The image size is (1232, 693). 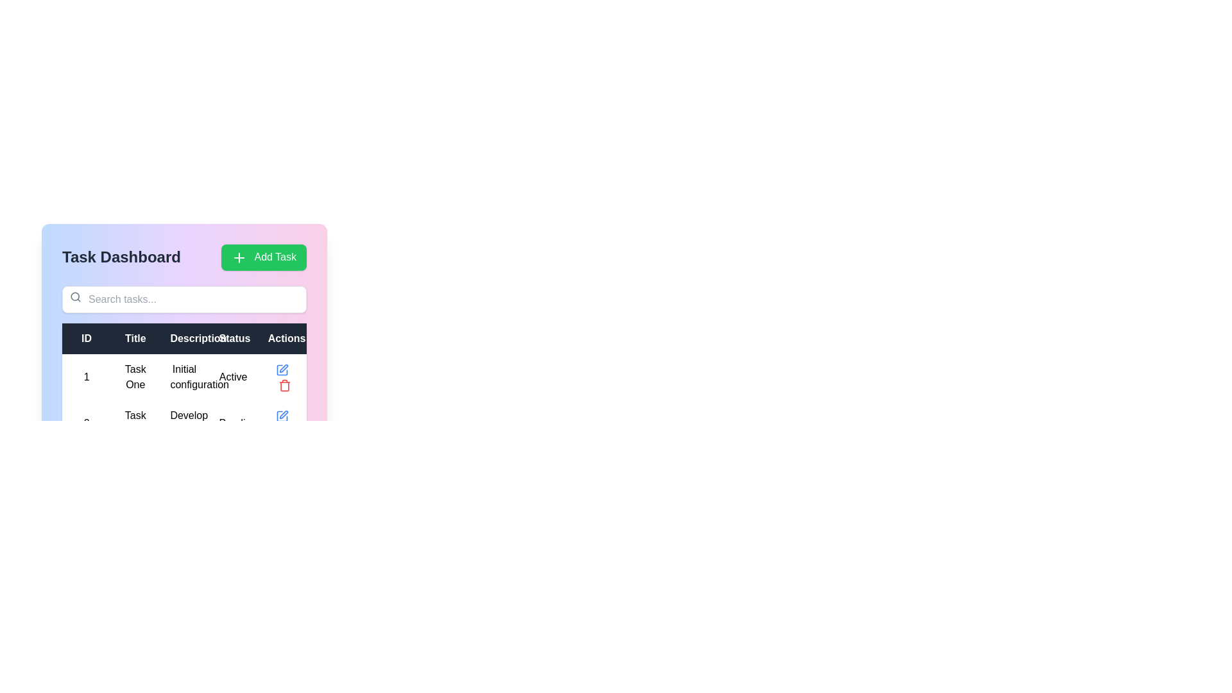 What do you see at coordinates (86, 376) in the screenshot?
I see `the Text display cell in the 'ID' column at the top row` at bounding box center [86, 376].